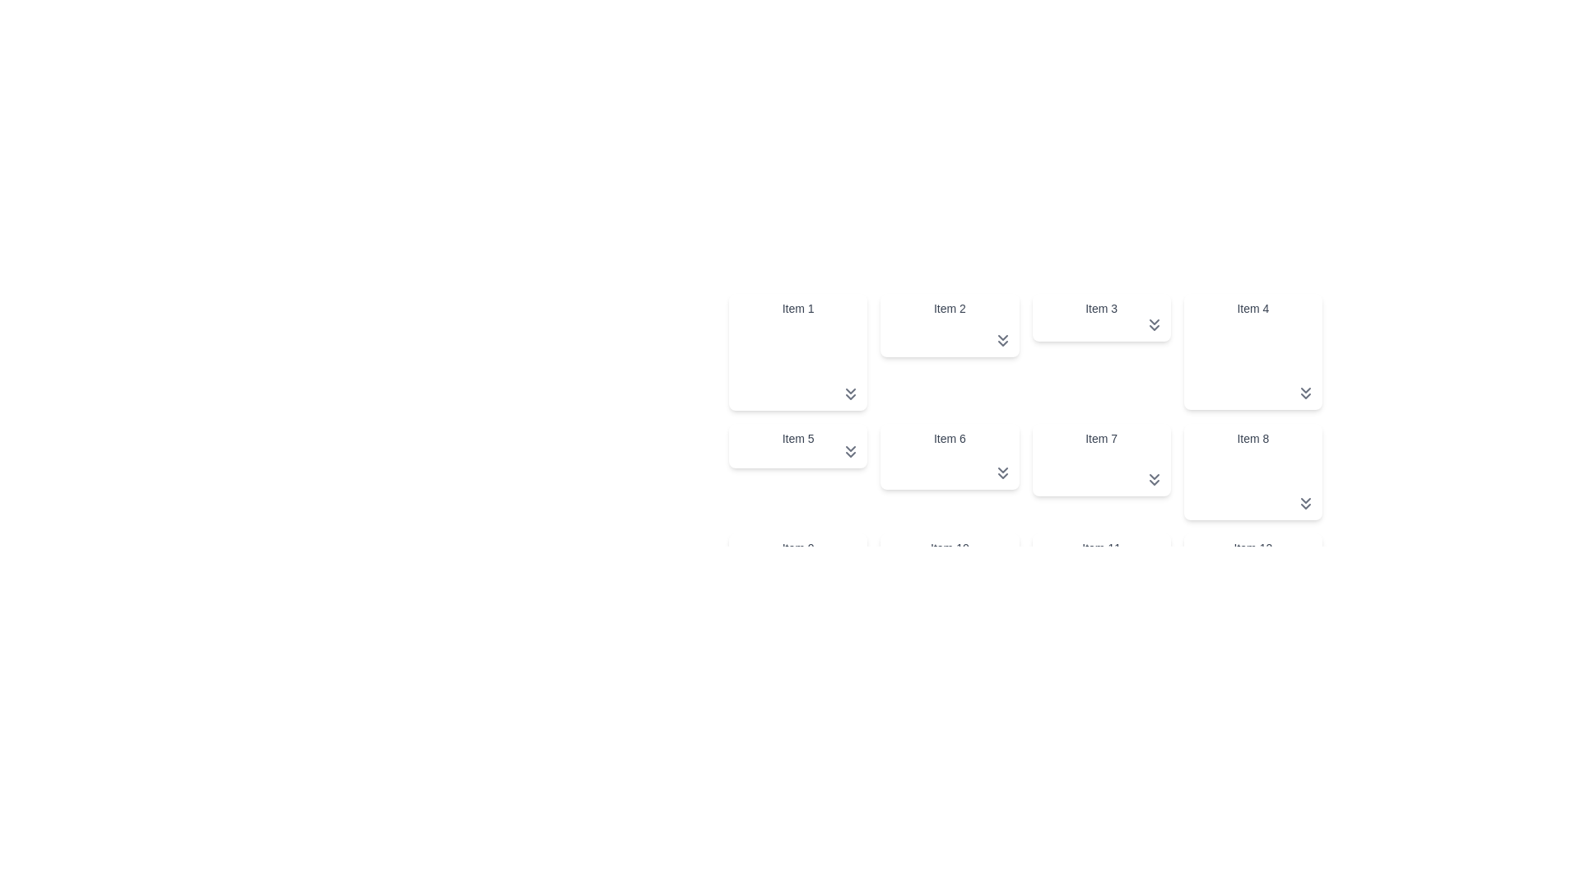 The width and height of the screenshot is (1580, 889). Describe the element at coordinates (1252, 351) in the screenshot. I see `the grid cell element containing text and an interactive icon located in the first row, fourth column` at that location.